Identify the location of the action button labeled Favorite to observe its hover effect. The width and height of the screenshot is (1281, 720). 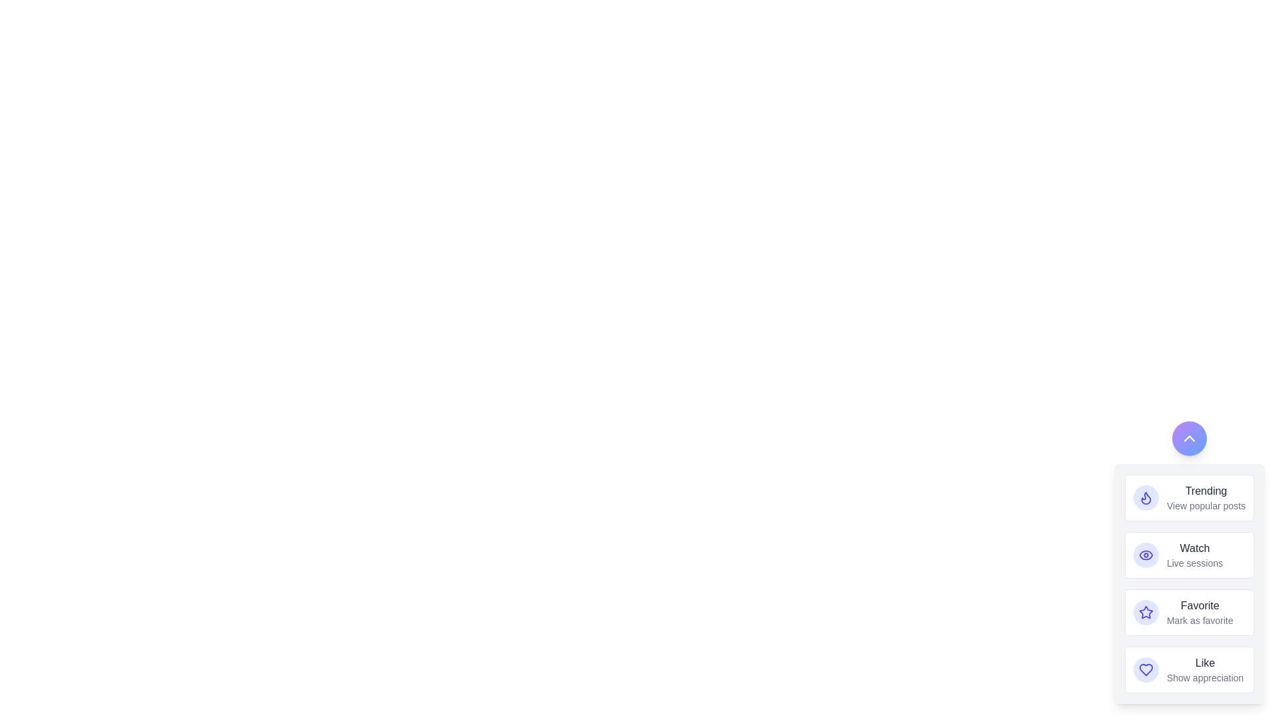
(1146, 612).